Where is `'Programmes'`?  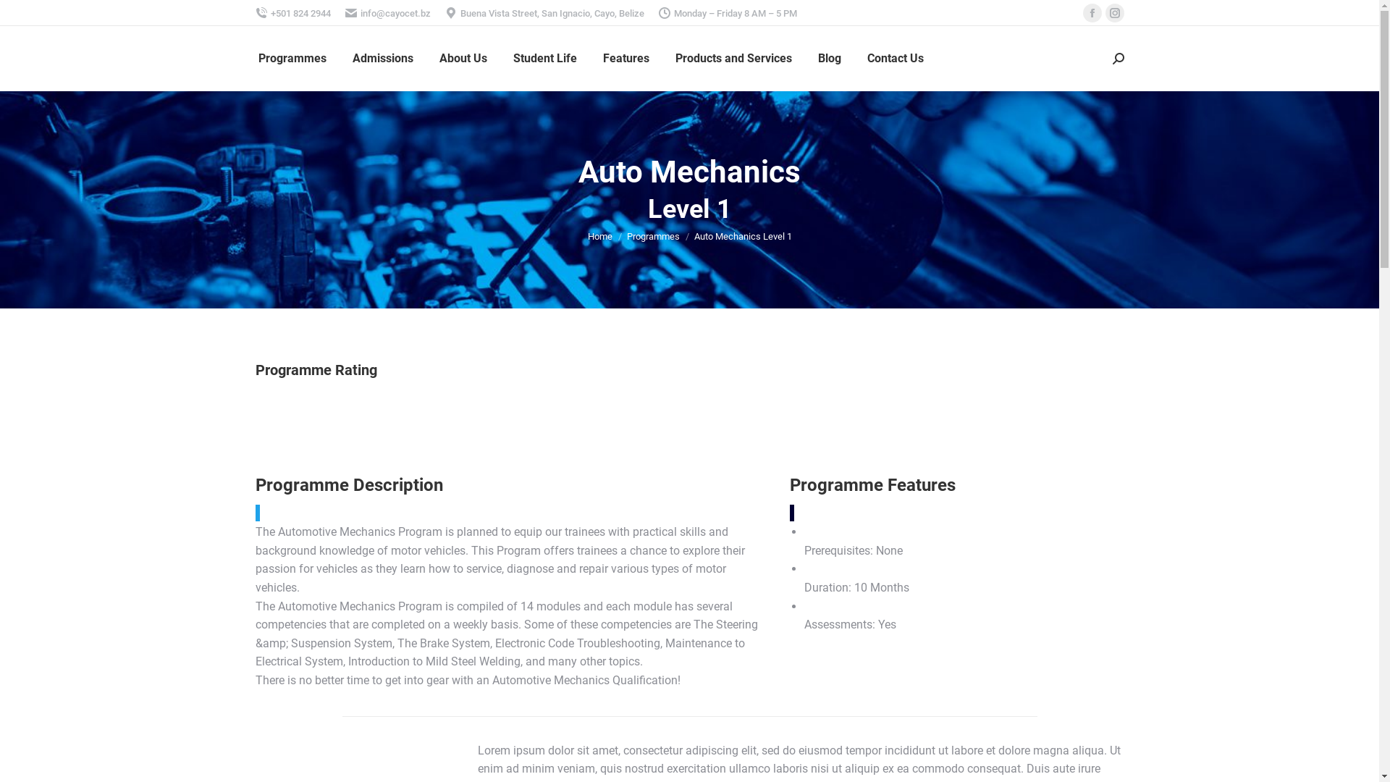
'Programmes' is located at coordinates (291, 58).